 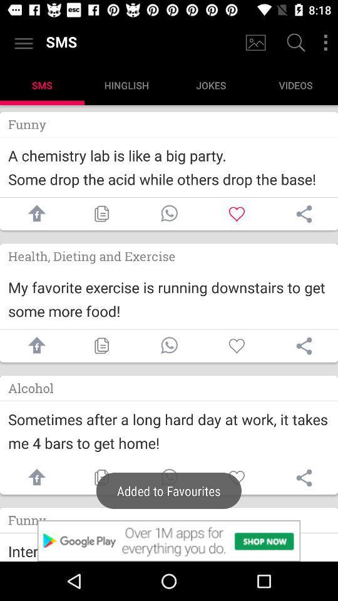 I want to click on share button, so click(x=304, y=477).